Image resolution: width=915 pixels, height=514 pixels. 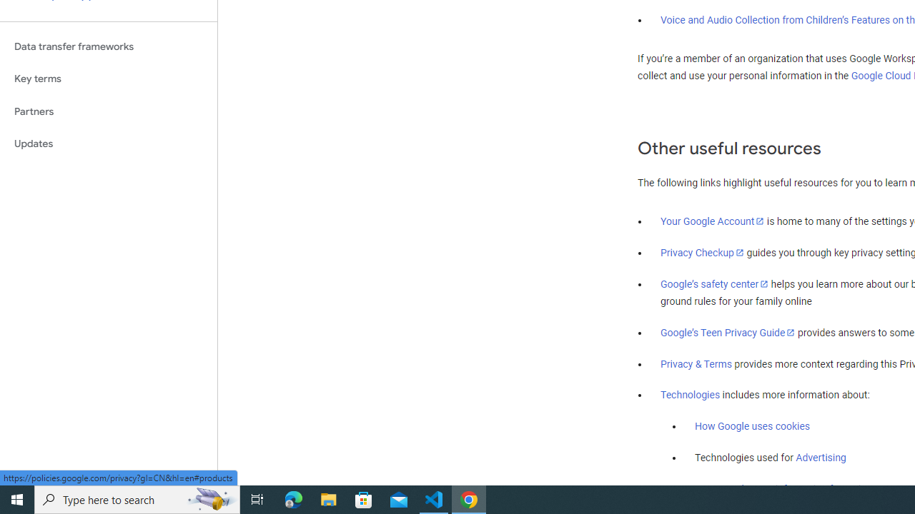 I want to click on 'Your Google Account', so click(x=713, y=221).